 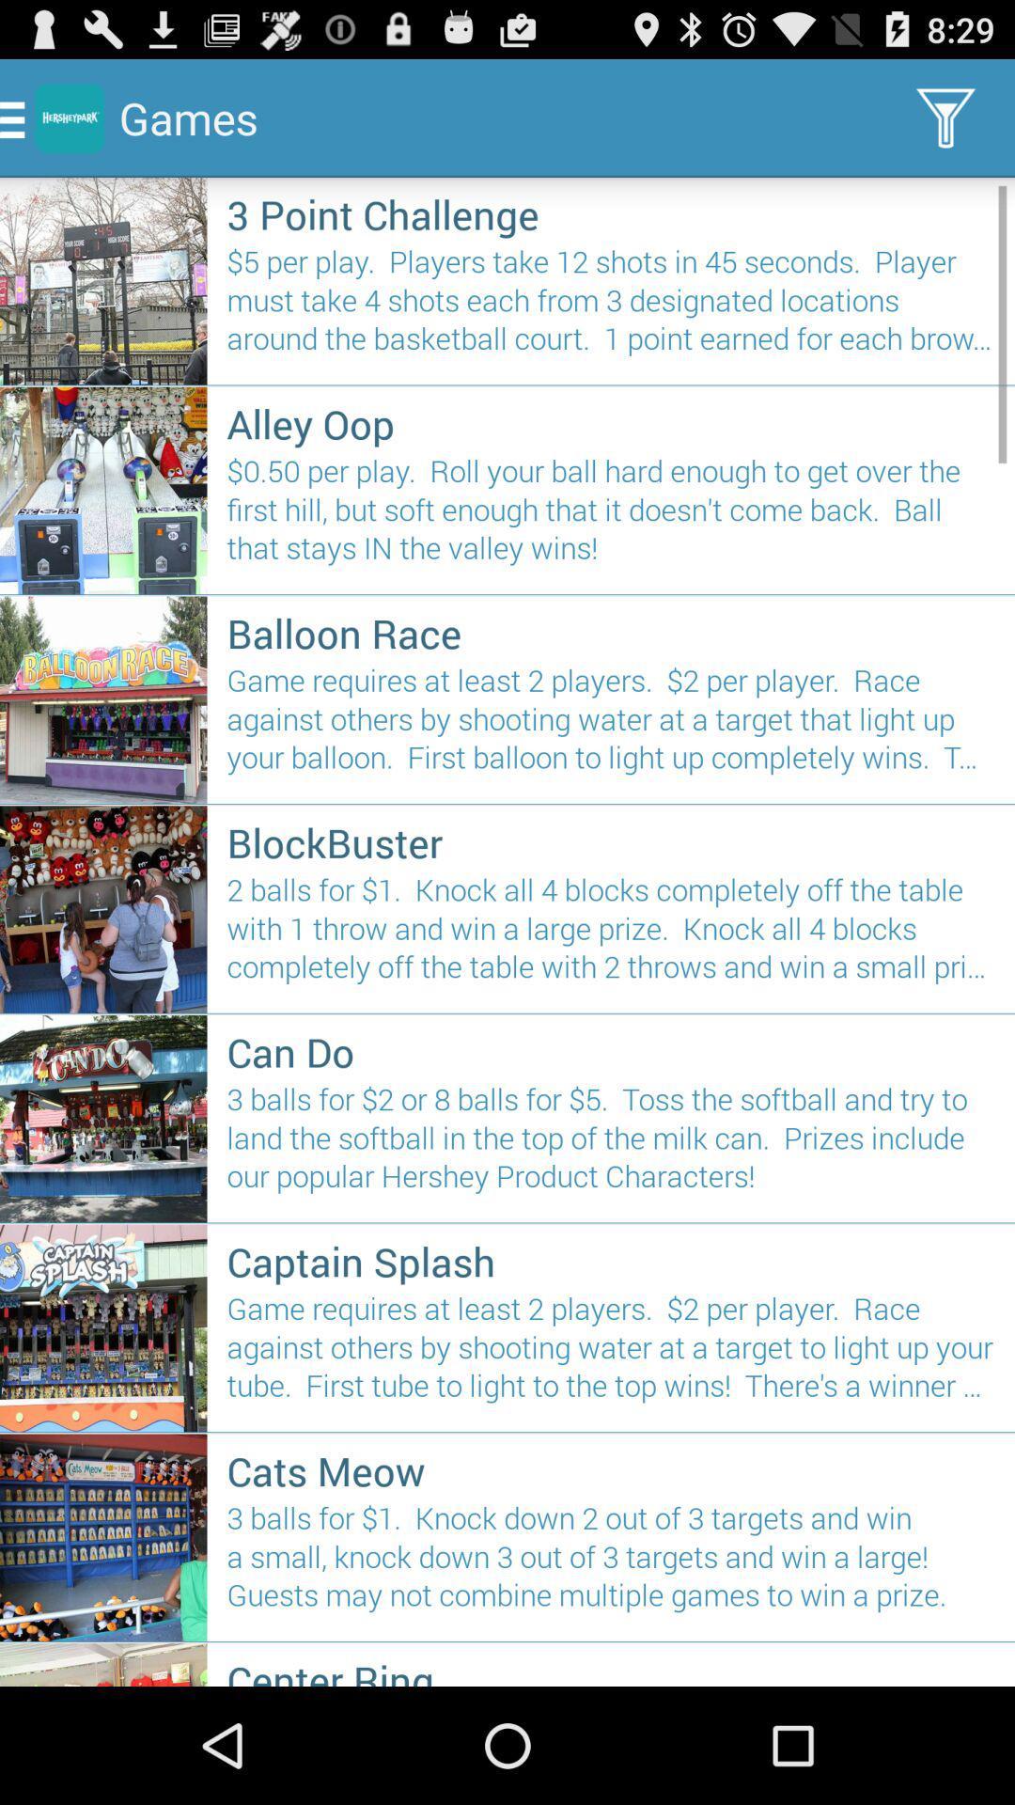 What do you see at coordinates (611, 1469) in the screenshot?
I see `the item below the game requires at` at bounding box center [611, 1469].